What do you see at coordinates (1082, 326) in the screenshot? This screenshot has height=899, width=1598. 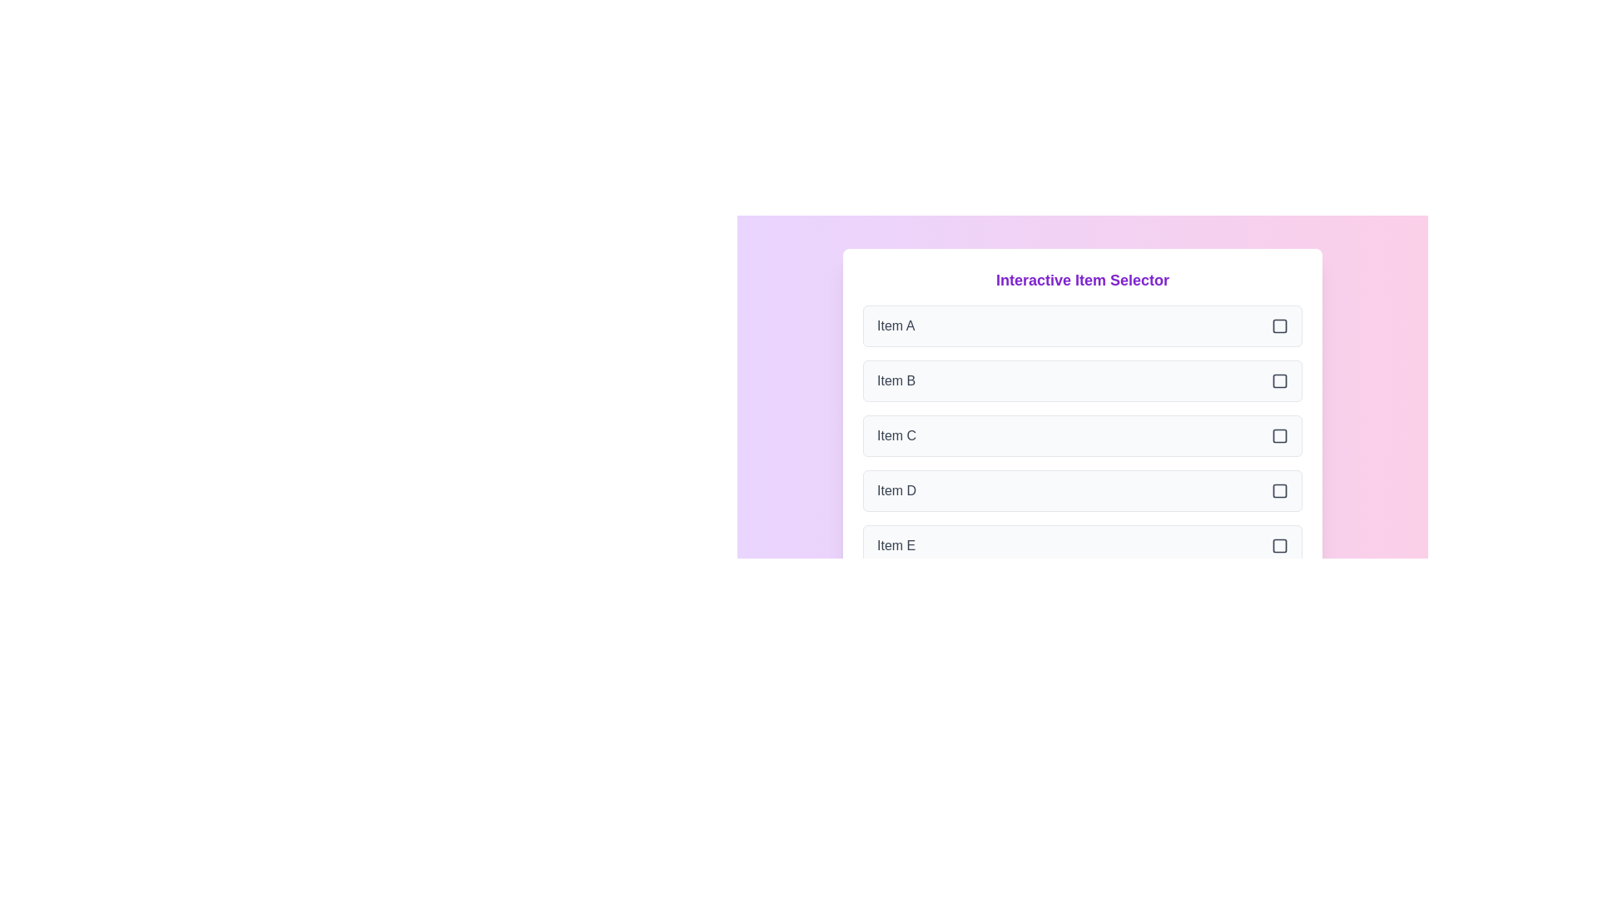 I see `the item Item A to observe its hover effect` at bounding box center [1082, 326].